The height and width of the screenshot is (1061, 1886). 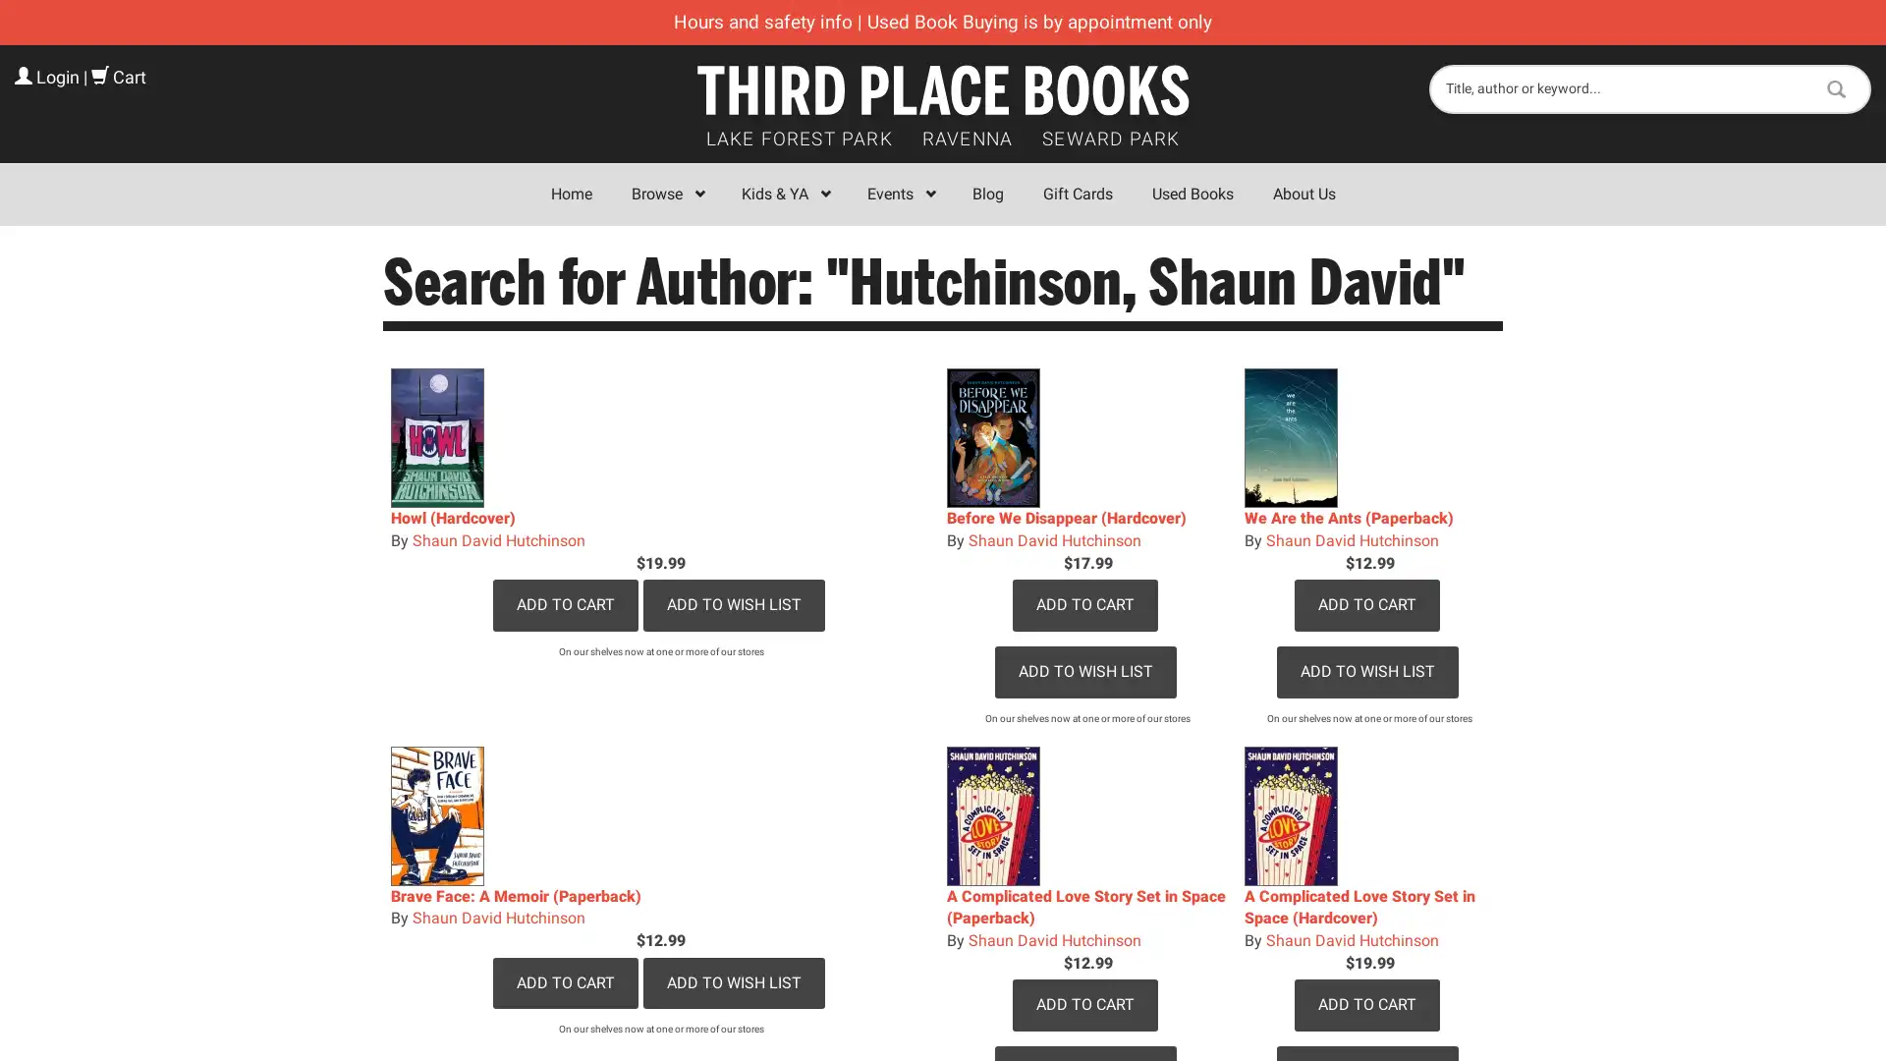 I want to click on Add to Cart, so click(x=564, y=604).